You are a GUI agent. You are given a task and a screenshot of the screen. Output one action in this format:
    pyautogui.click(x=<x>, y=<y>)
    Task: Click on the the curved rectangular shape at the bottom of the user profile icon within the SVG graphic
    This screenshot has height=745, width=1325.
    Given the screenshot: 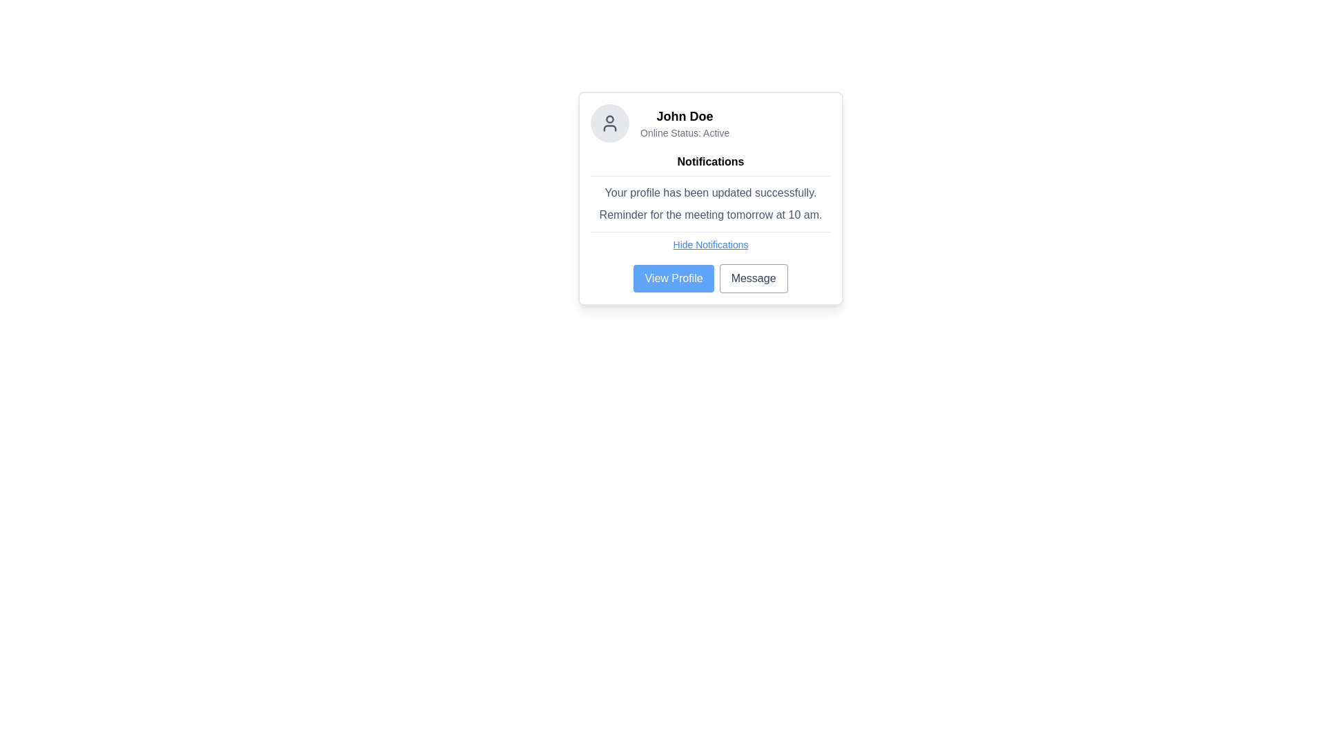 What is the action you would take?
    pyautogui.click(x=609, y=128)
    